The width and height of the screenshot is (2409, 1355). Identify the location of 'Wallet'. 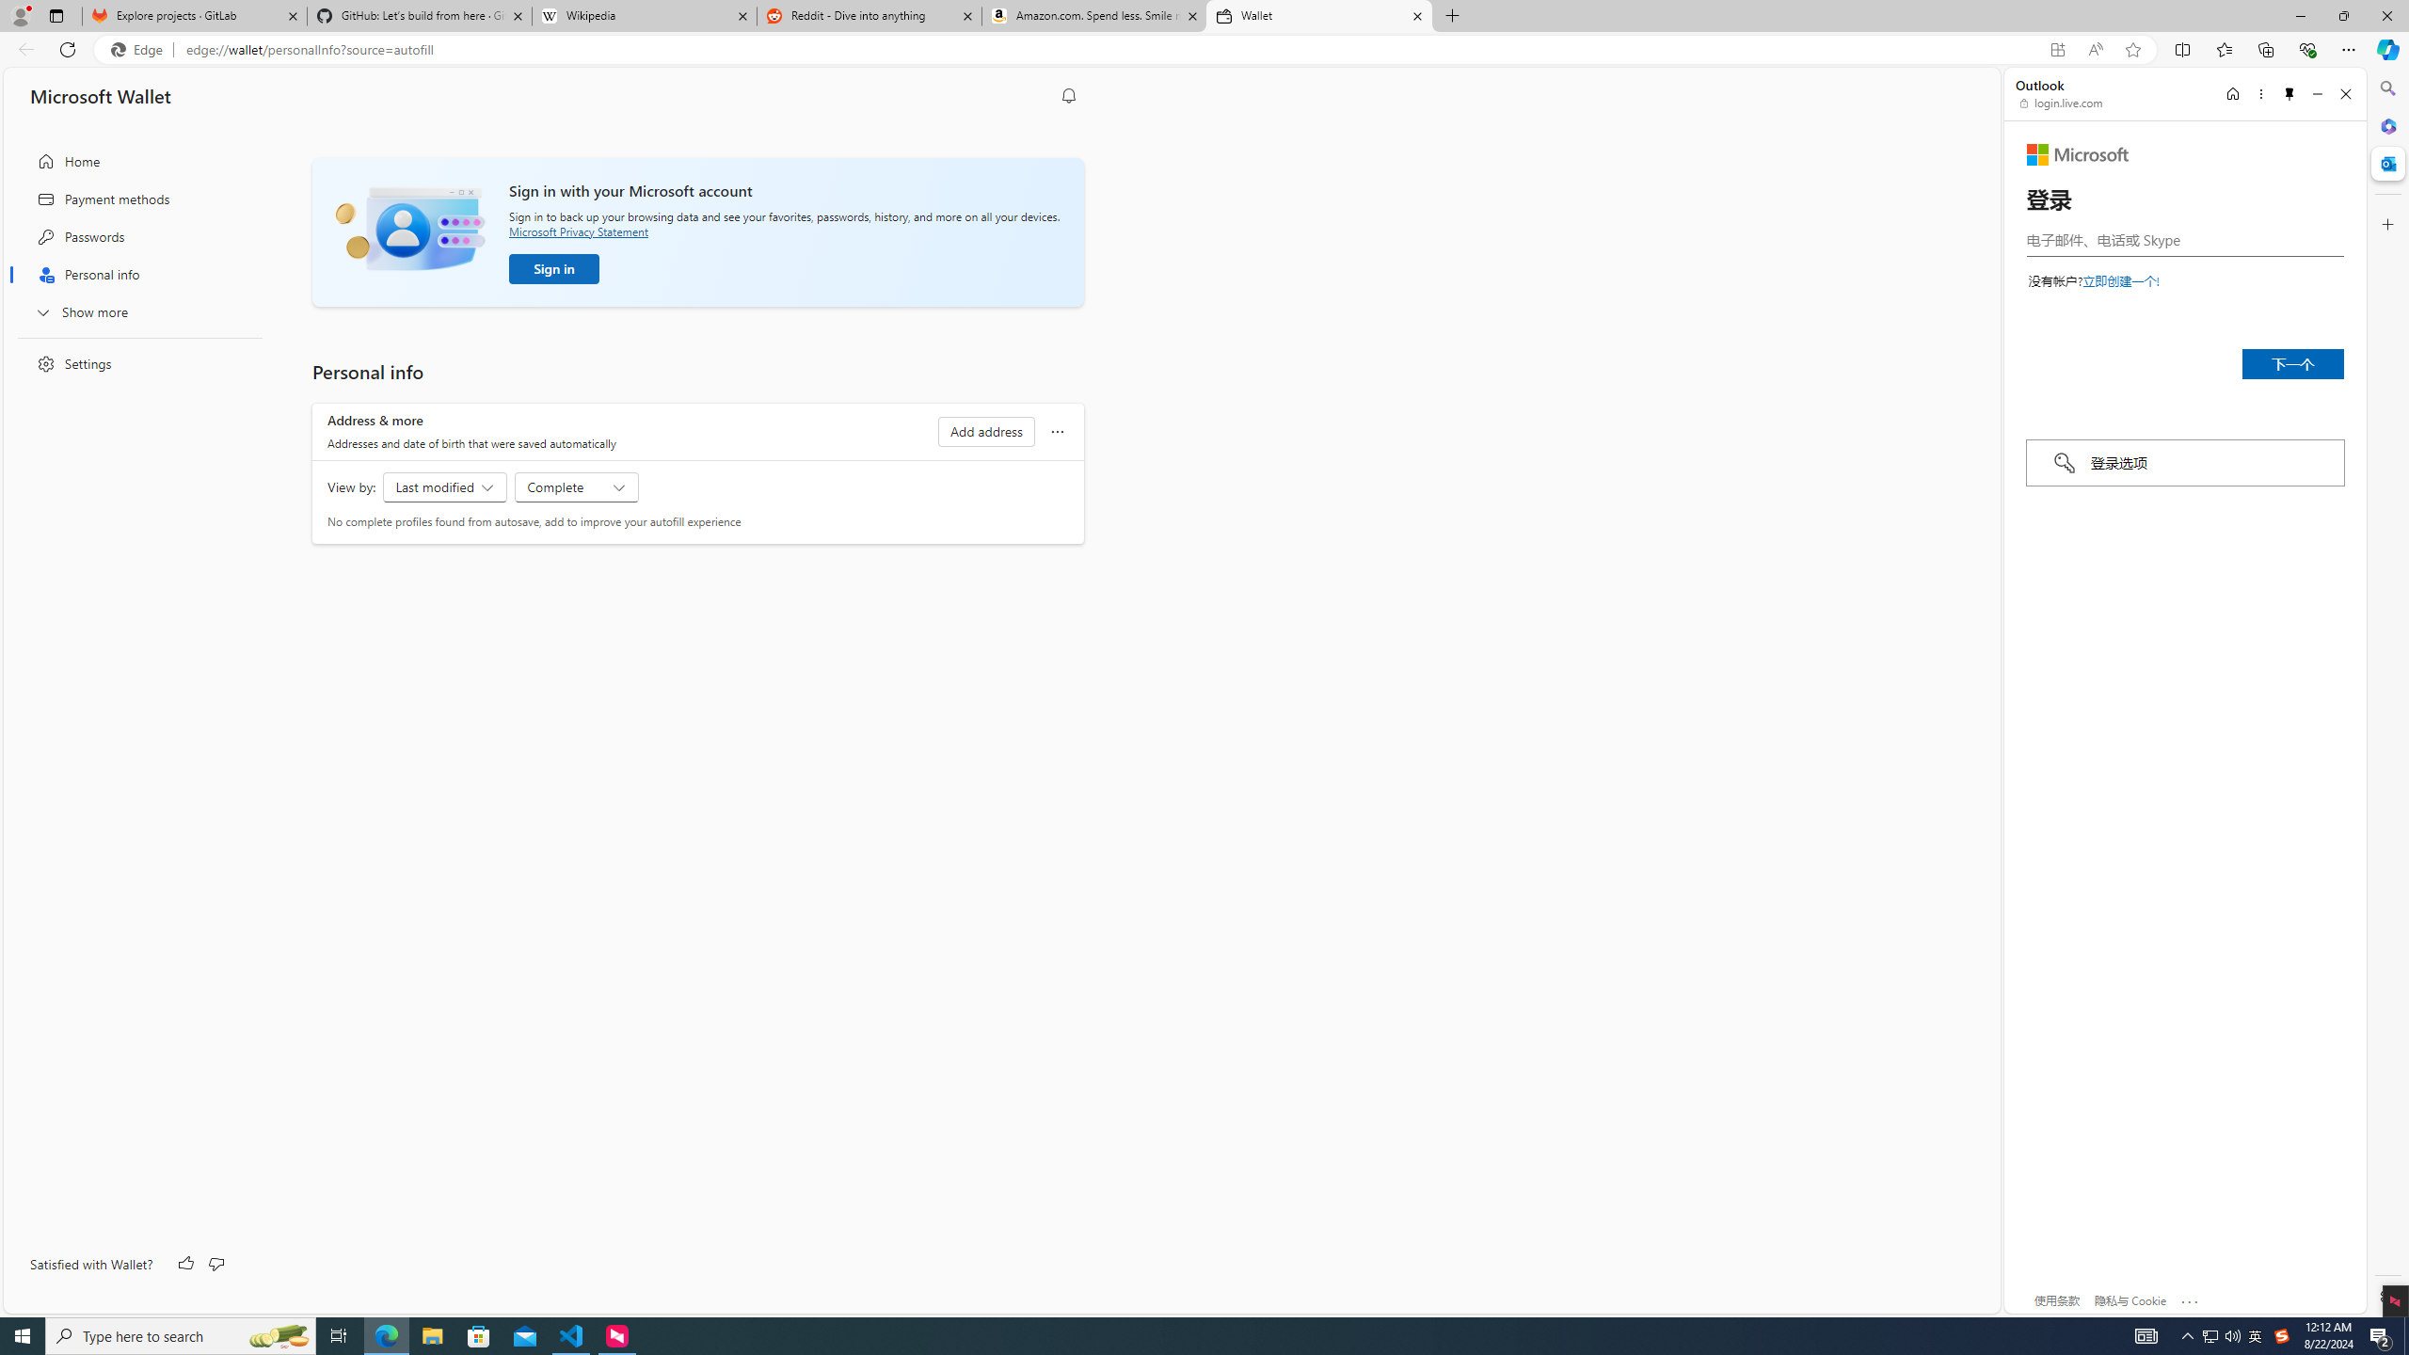
(1319, 15).